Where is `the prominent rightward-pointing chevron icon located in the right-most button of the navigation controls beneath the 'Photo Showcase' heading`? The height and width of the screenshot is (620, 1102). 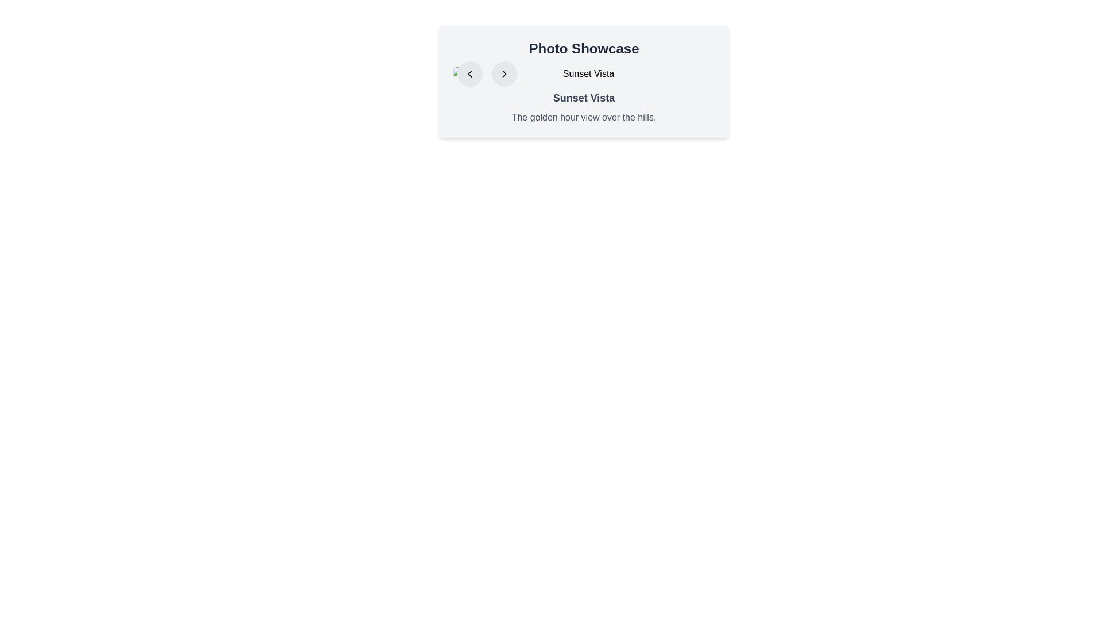
the prominent rightward-pointing chevron icon located in the right-most button of the navigation controls beneath the 'Photo Showcase' heading is located at coordinates (504, 73).